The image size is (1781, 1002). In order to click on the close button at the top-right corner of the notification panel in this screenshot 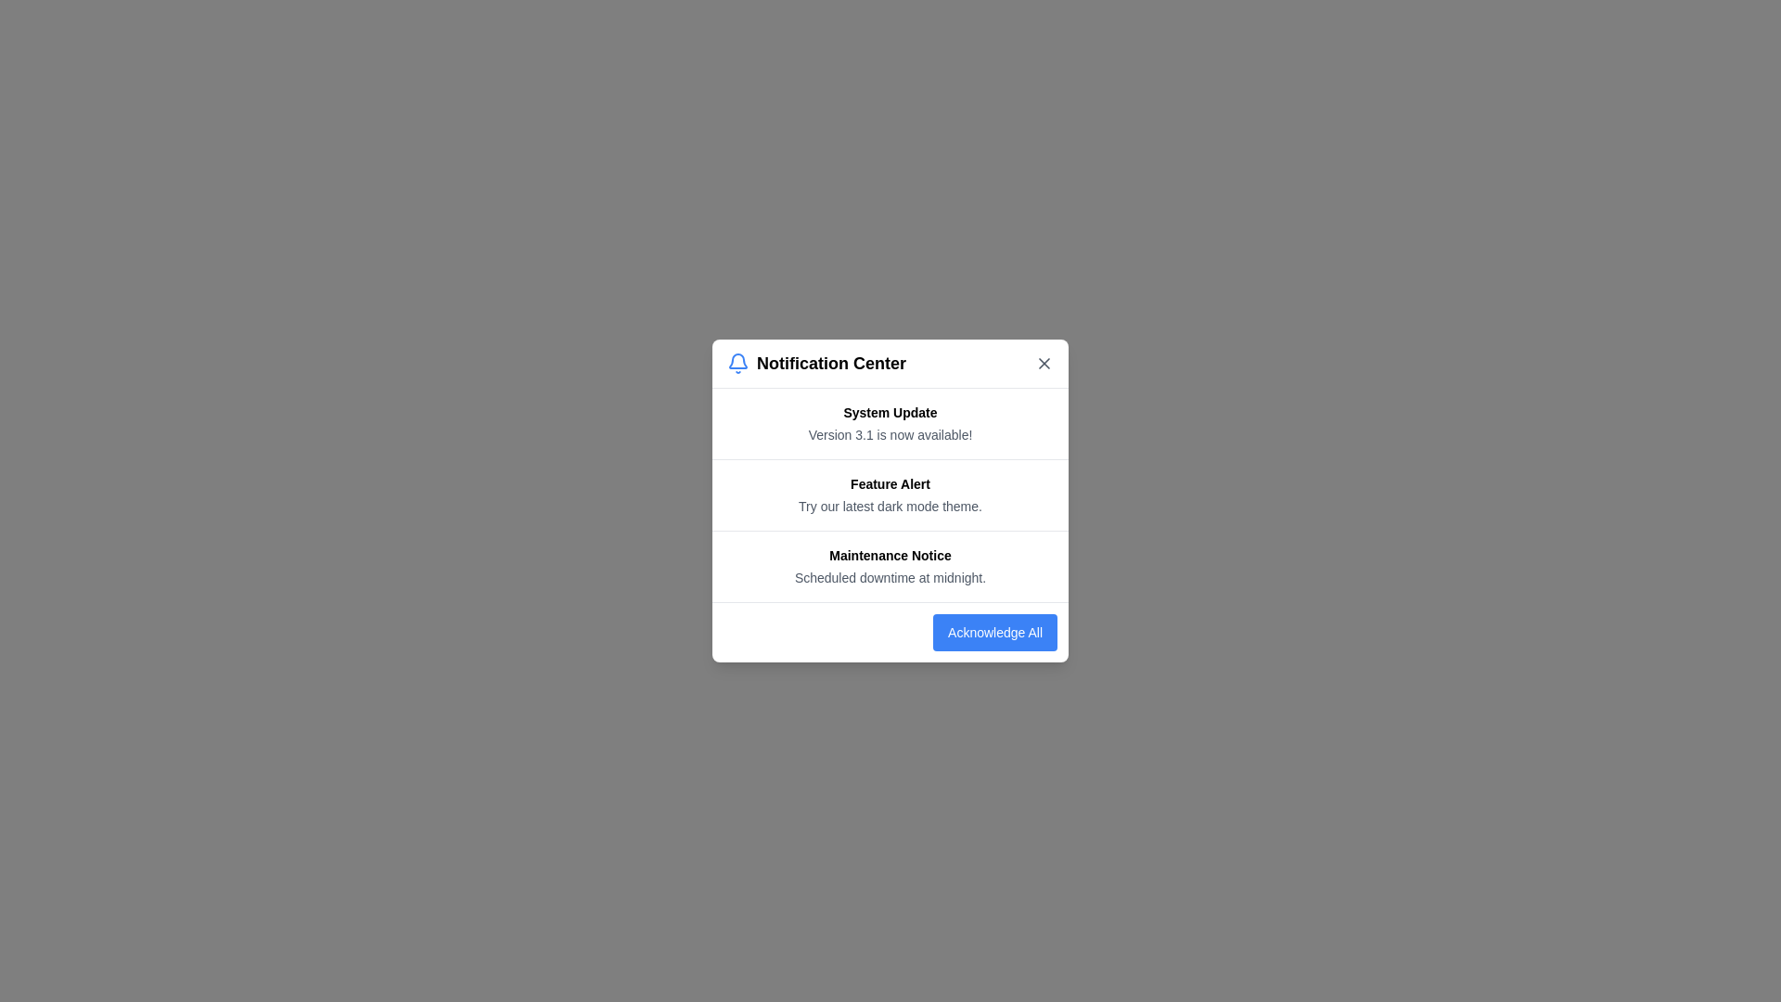, I will do `click(1044, 364)`.